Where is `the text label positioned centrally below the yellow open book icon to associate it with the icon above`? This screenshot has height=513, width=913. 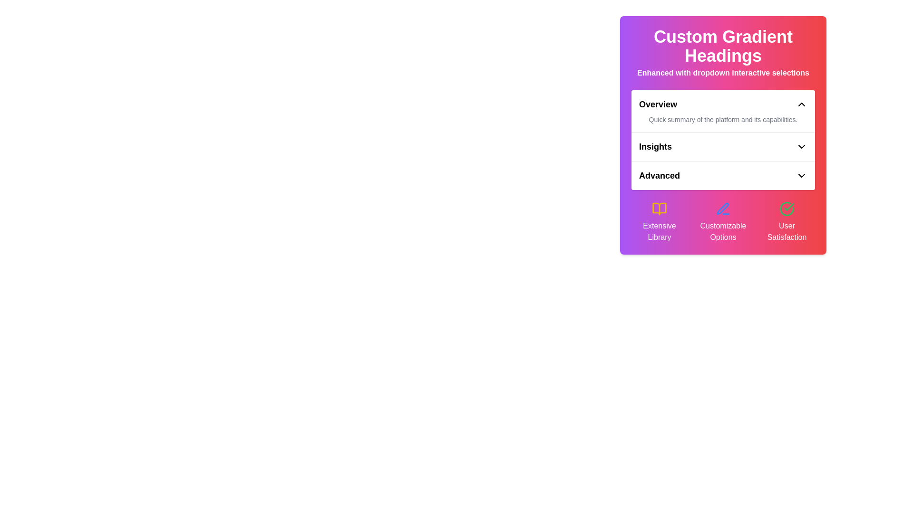 the text label positioned centrally below the yellow open book icon to associate it with the icon above is located at coordinates (659, 232).